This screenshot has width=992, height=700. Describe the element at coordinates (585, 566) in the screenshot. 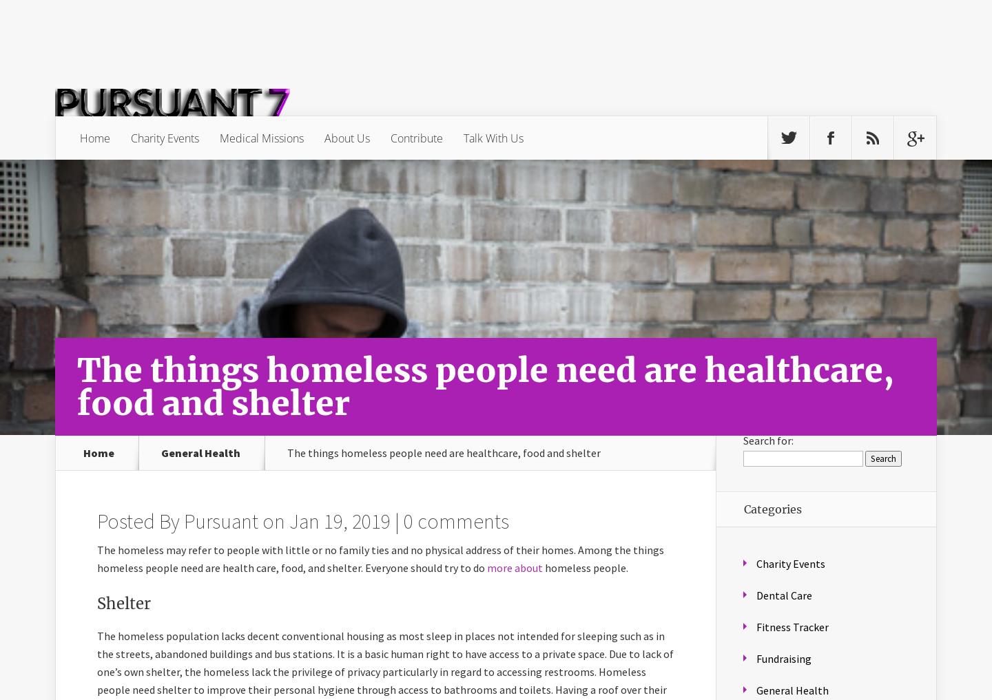

I see `'homeless people.'` at that location.